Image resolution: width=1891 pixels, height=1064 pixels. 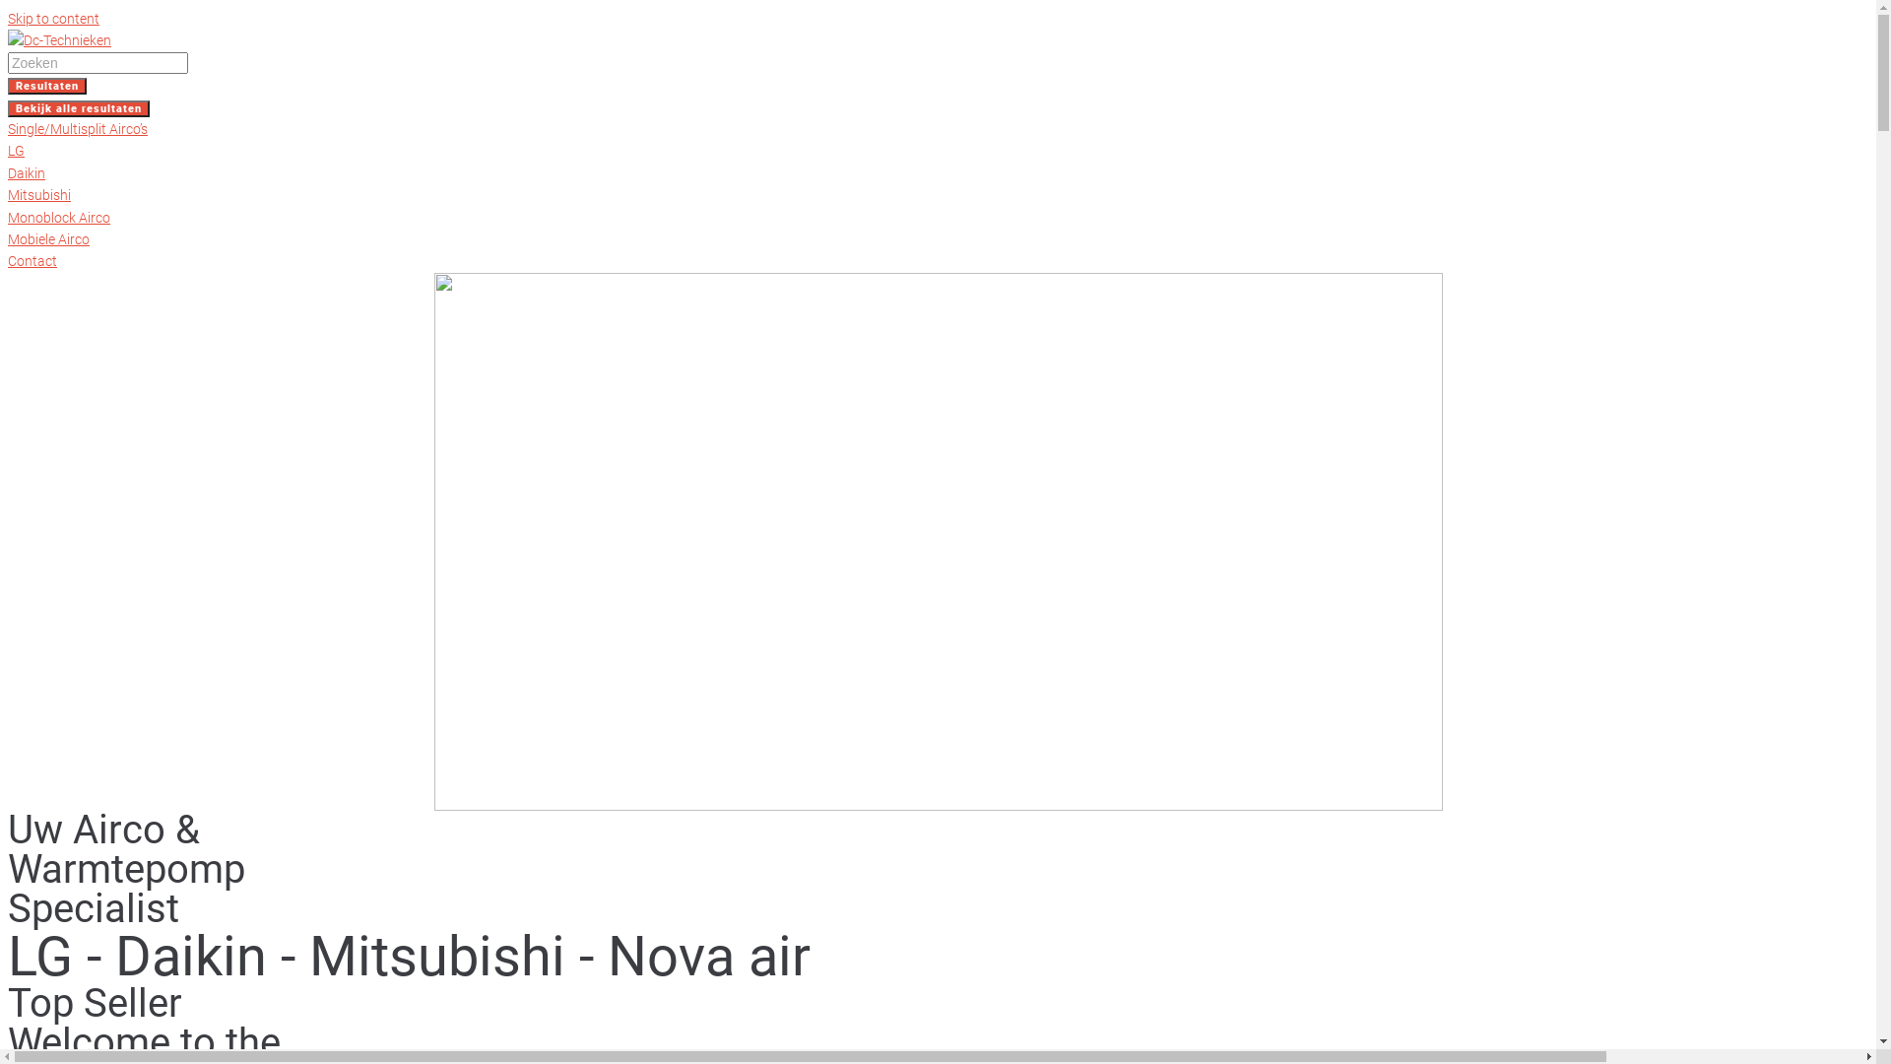 I want to click on 'LG', so click(x=16, y=150).